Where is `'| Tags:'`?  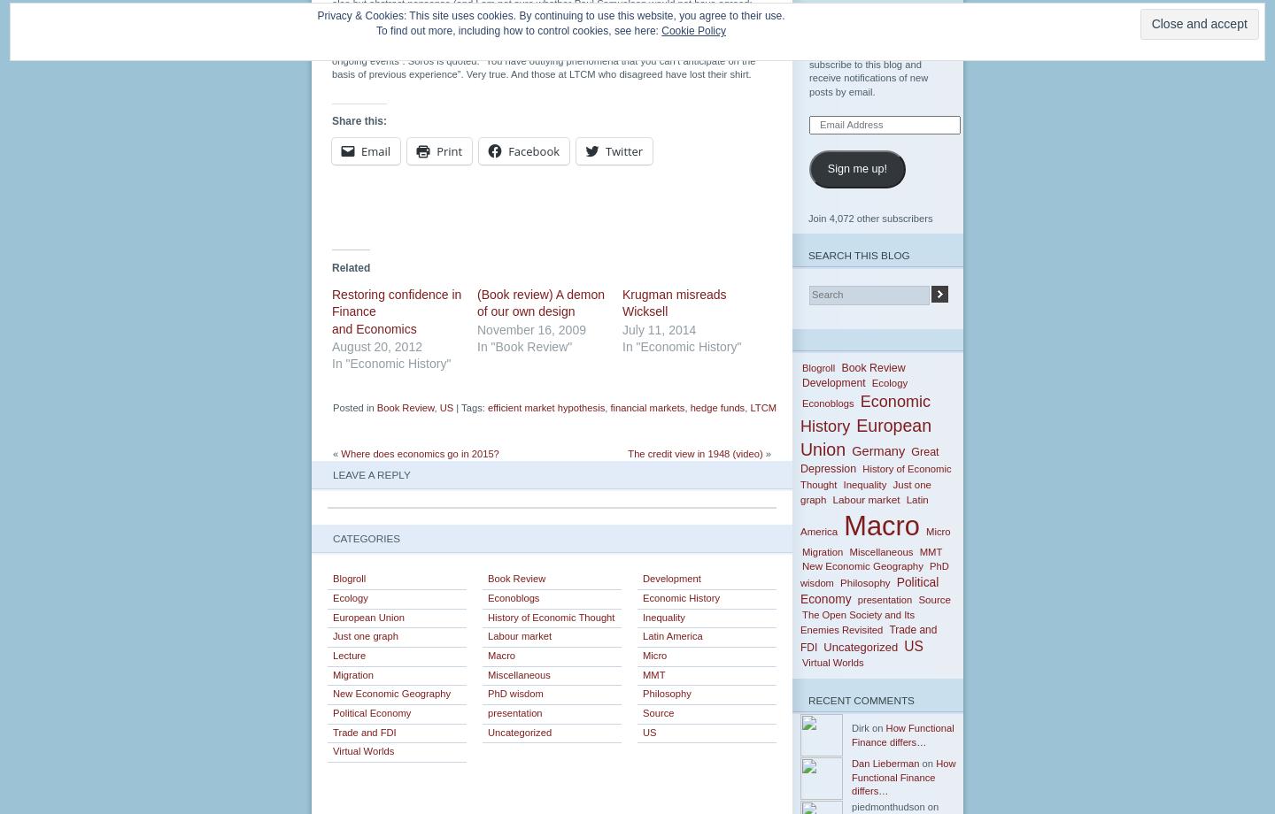
'| Tags:' is located at coordinates (452, 407).